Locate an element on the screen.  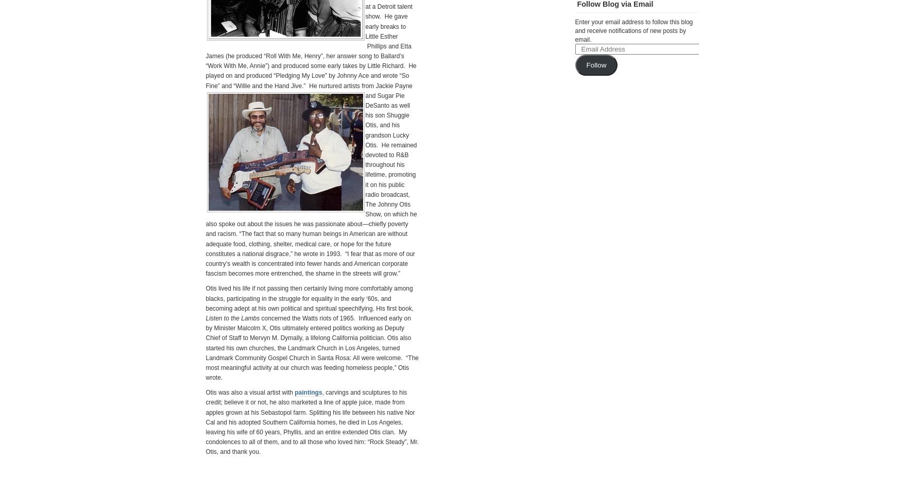
'concerned the Watts riots of 1965.  Influenced early on by Minister Malcolm X, Otis ultimately entered politics working as Deputy Chief of Staff to Mervyn M. Dymally, a lifelong California politician. Otis also started his own churches, the Landmark Church in Los Angeles, turned Landmark Community Gospel Church in Santa Rosa: All were welcome.  “The most meaningful activity at our church was feeding homeless people,” Otis wrote.' is located at coordinates (312, 347).